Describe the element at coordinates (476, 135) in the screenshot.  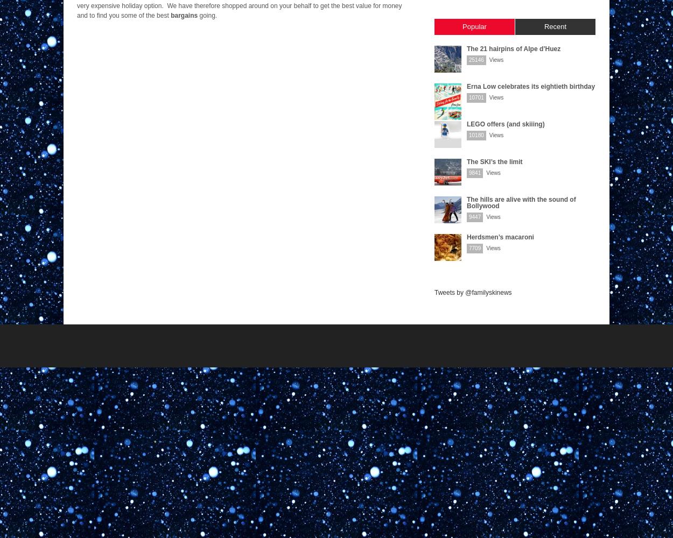
I see `'10180'` at that location.